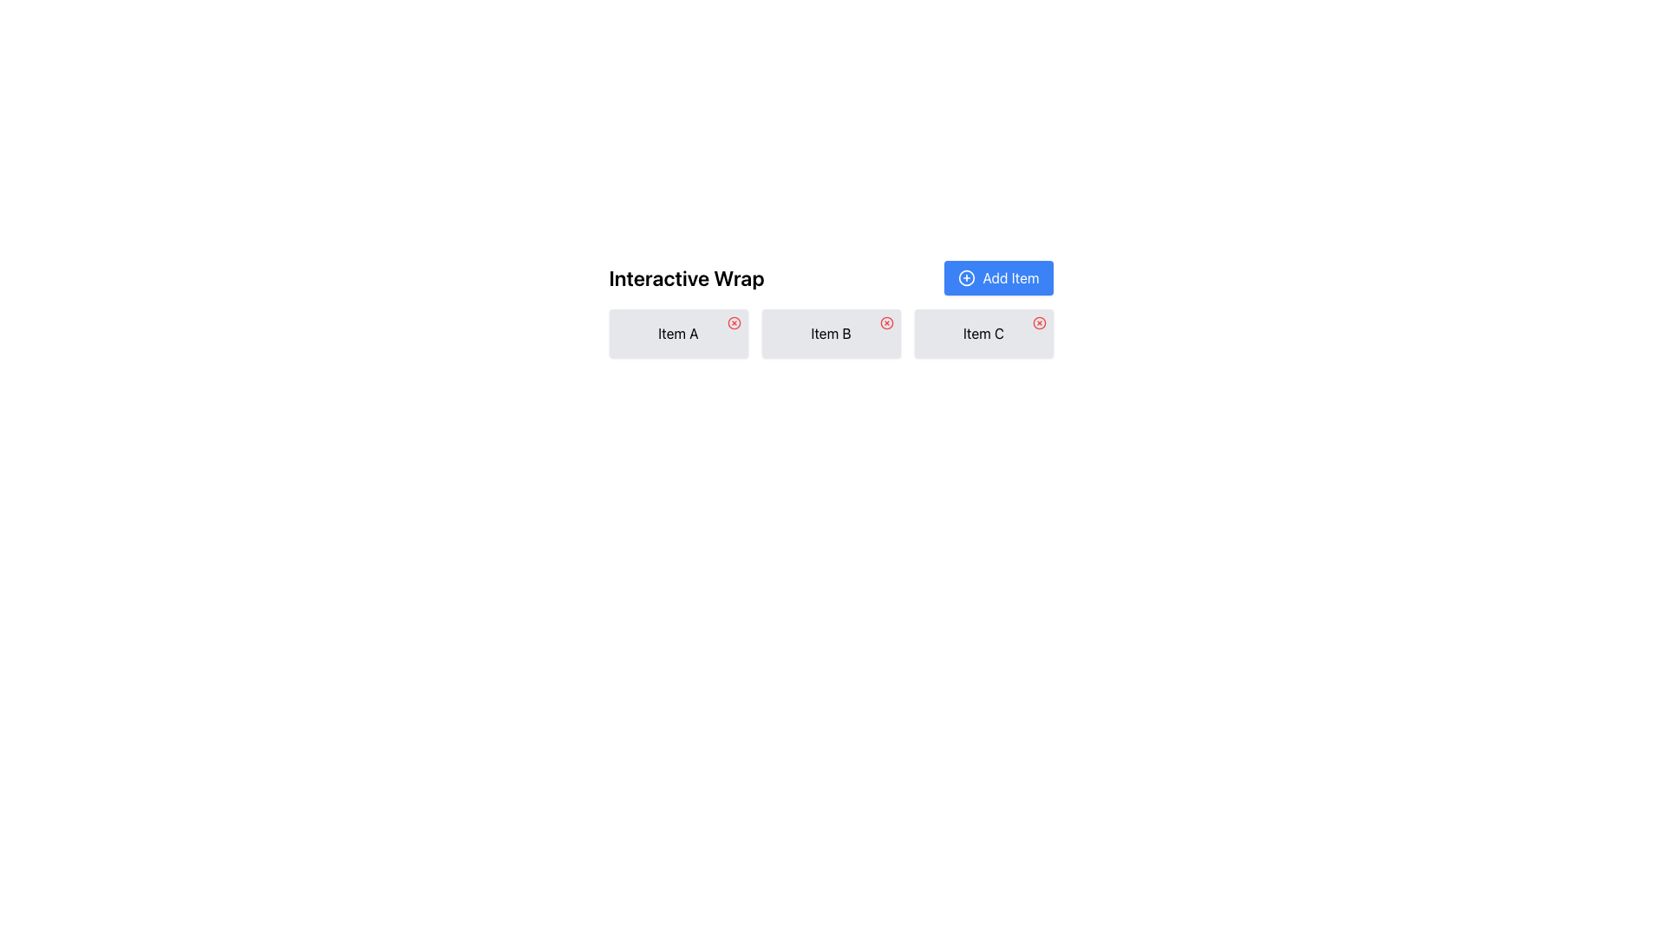  Describe the element at coordinates (983, 334) in the screenshot. I see `the 'Item C' text label` at that location.